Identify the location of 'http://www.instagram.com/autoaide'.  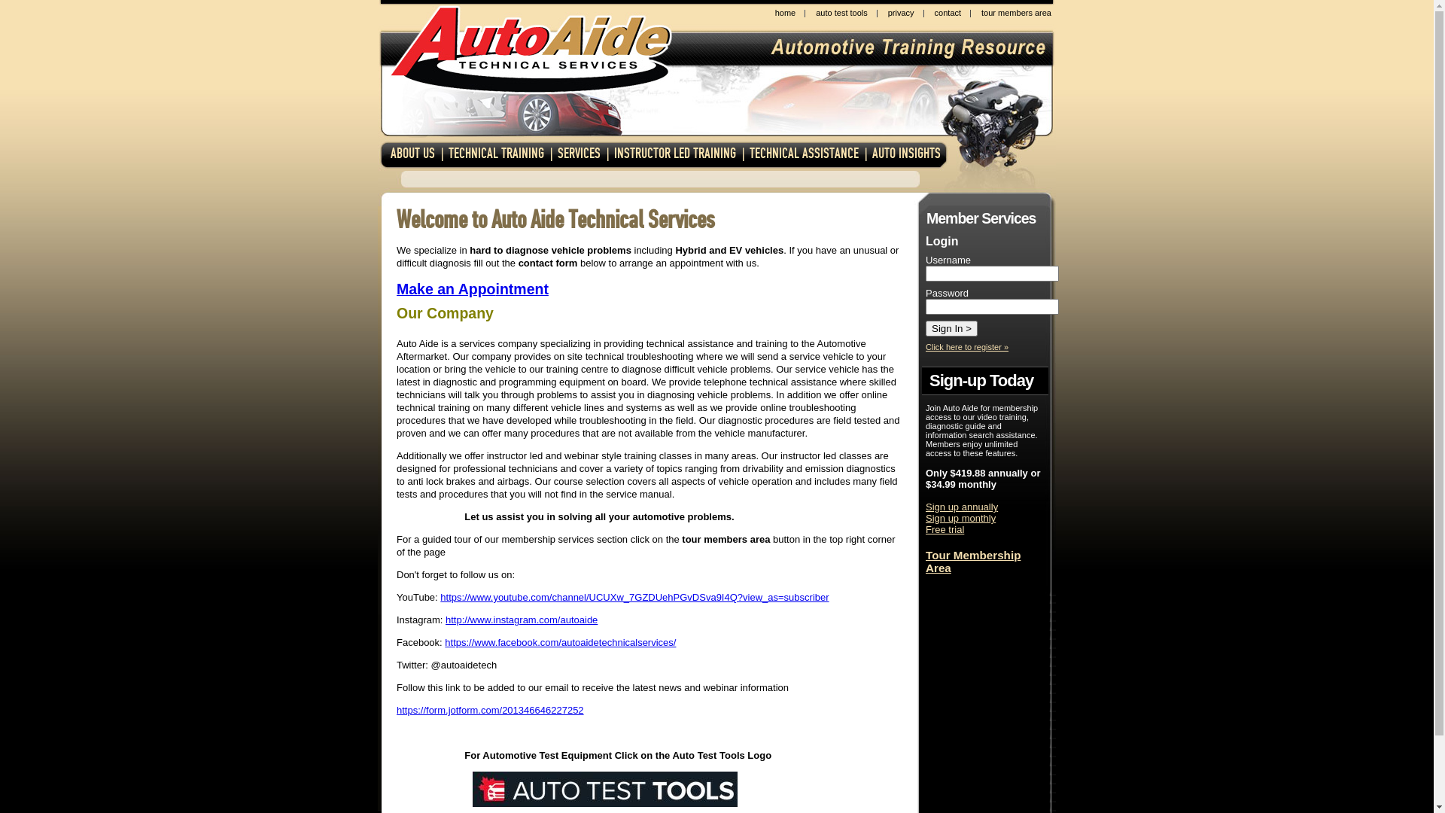
(521, 620).